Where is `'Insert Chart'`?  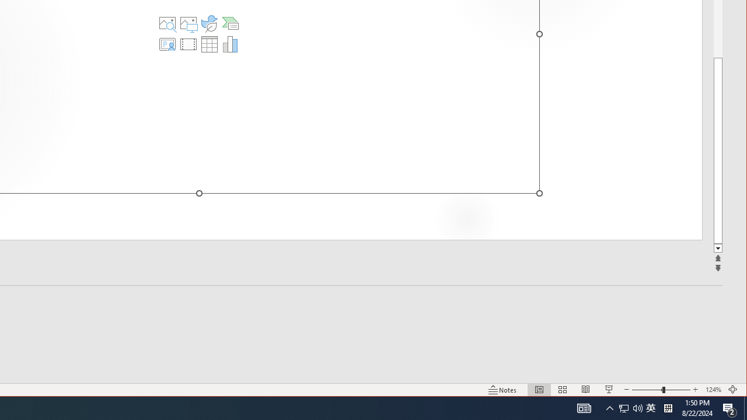 'Insert Chart' is located at coordinates (230, 43).